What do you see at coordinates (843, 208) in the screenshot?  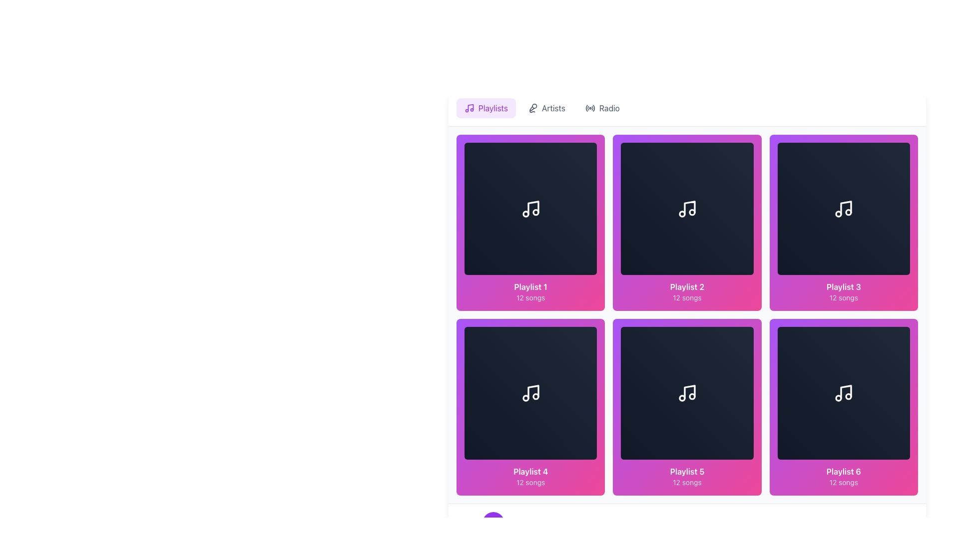 I see `the graphical block with a white music note icon in the 'Playlist 3' section` at bounding box center [843, 208].